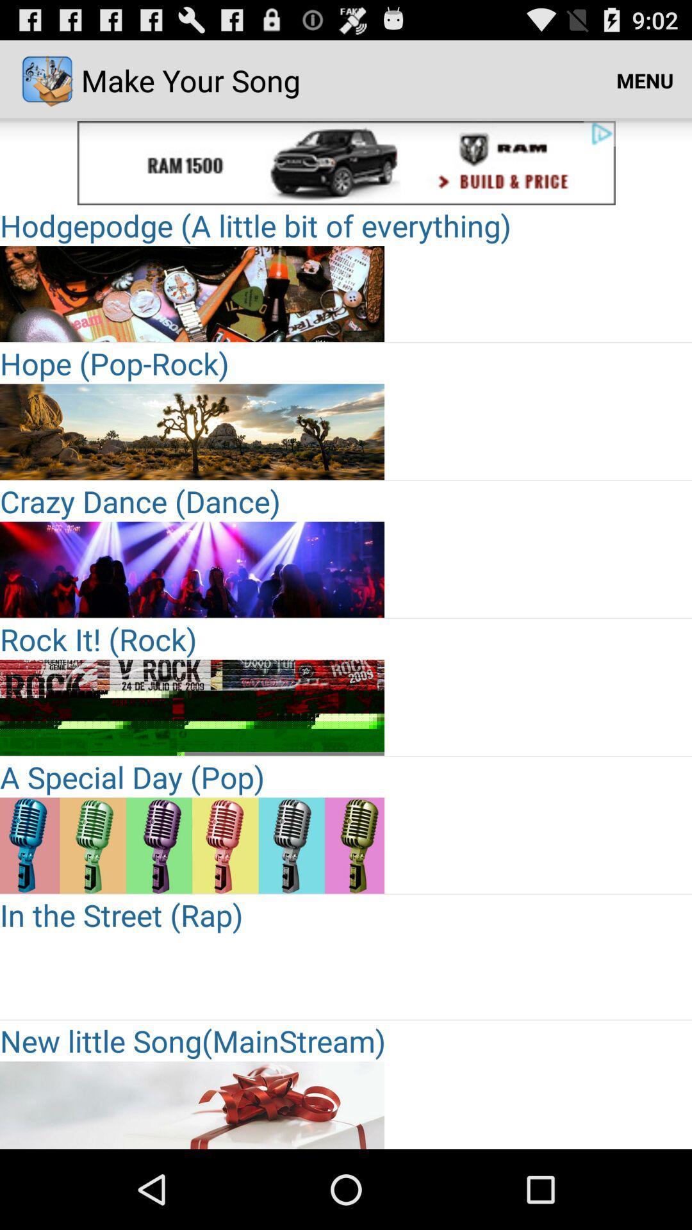  Describe the element at coordinates (192, 162) in the screenshot. I see `advertisement` at that location.